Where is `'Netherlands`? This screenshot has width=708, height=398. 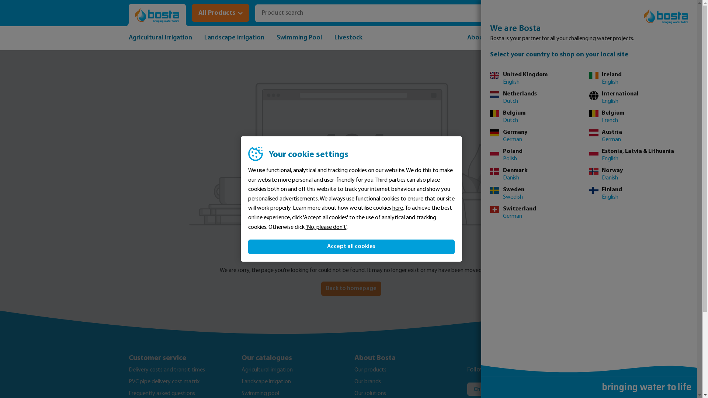 'Netherlands is located at coordinates (539, 97).